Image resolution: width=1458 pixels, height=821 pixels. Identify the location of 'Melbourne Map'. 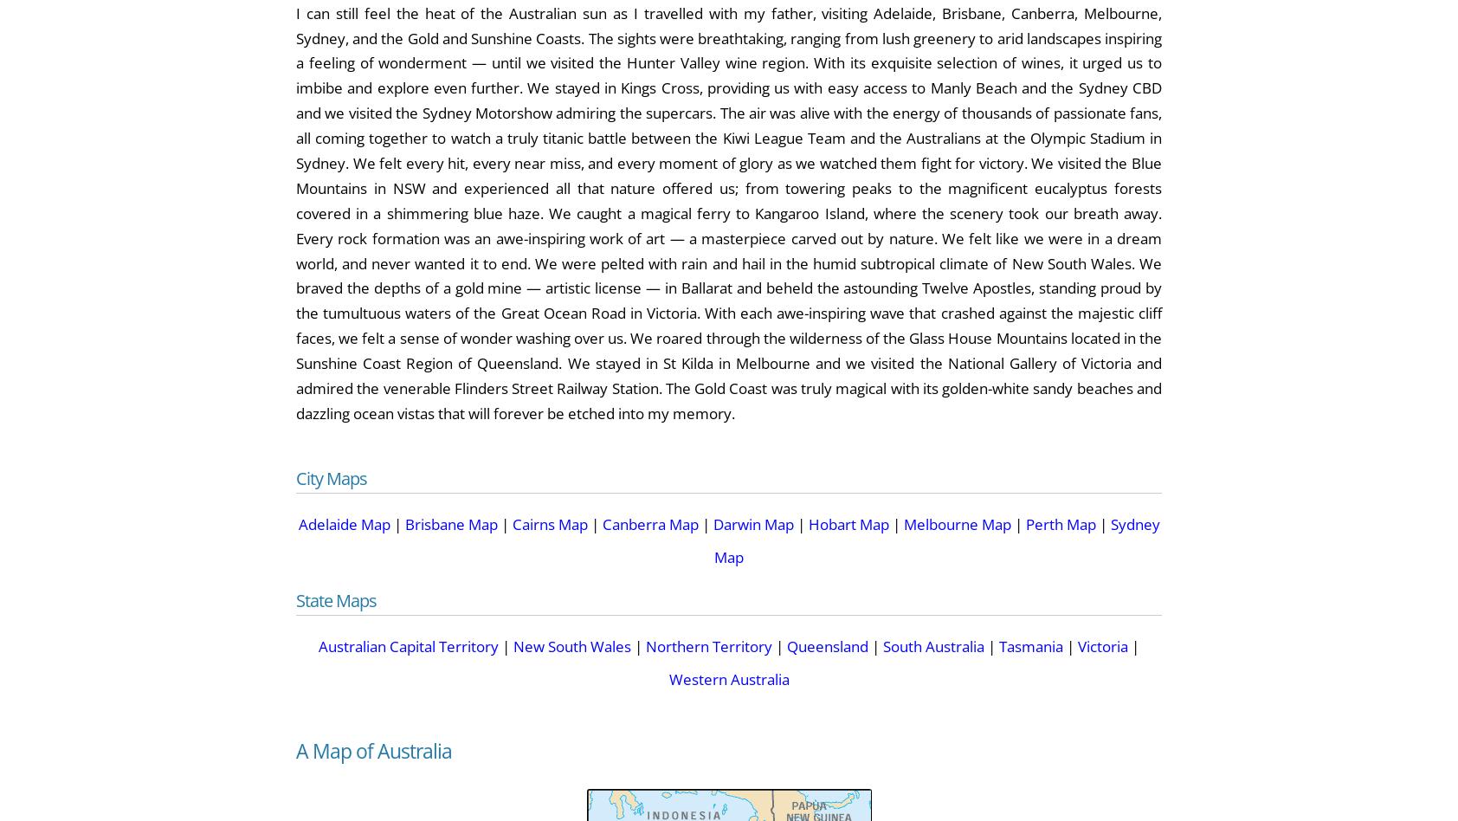
(902, 522).